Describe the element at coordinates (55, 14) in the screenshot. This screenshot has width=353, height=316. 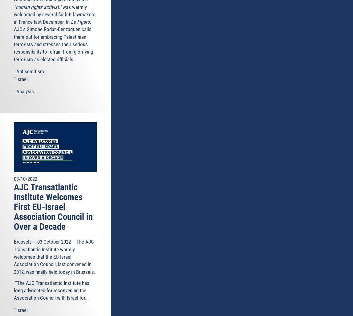
I see `'was warmly welcomed by several far left lawmakers in France last December. In'` at that location.